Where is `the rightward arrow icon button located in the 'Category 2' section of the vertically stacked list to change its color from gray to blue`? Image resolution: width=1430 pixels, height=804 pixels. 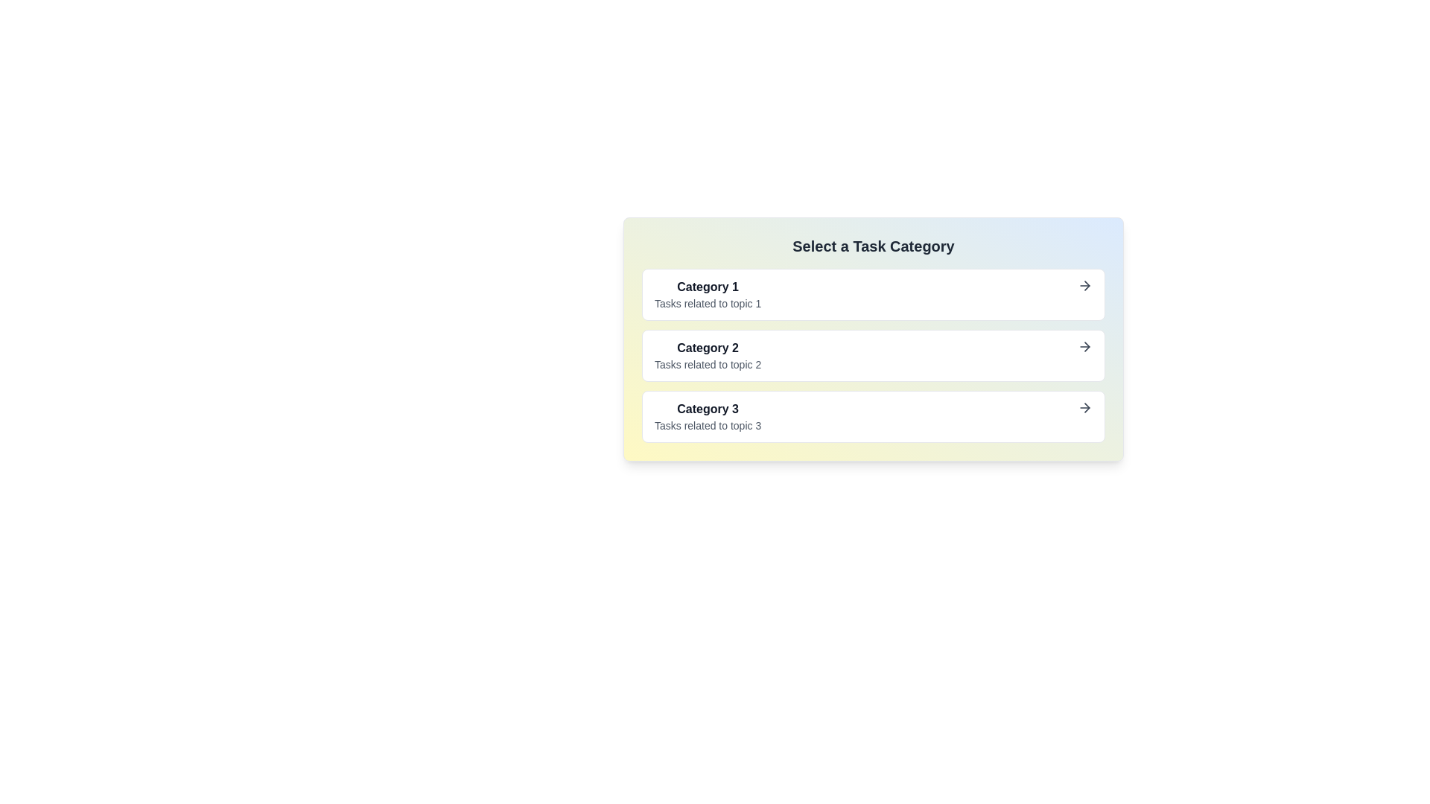
the rightward arrow icon button located in the 'Category 2' section of the vertically stacked list to change its color from gray to blue is located at coordinates (1085, 347).